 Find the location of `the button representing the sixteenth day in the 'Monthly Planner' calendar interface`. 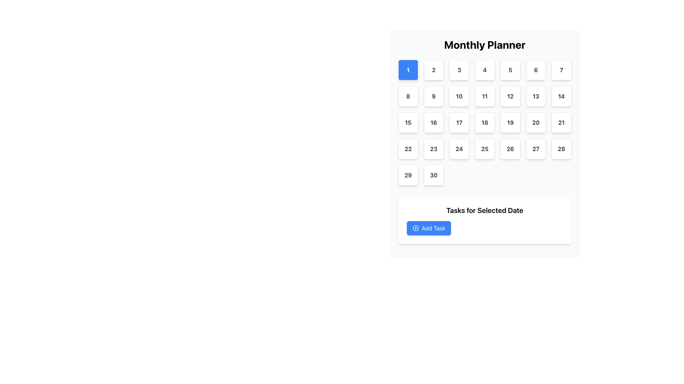

the button representing the sixteenth day in the 'Monthly Planner' calendar interface is located at coordinates (433, 122).